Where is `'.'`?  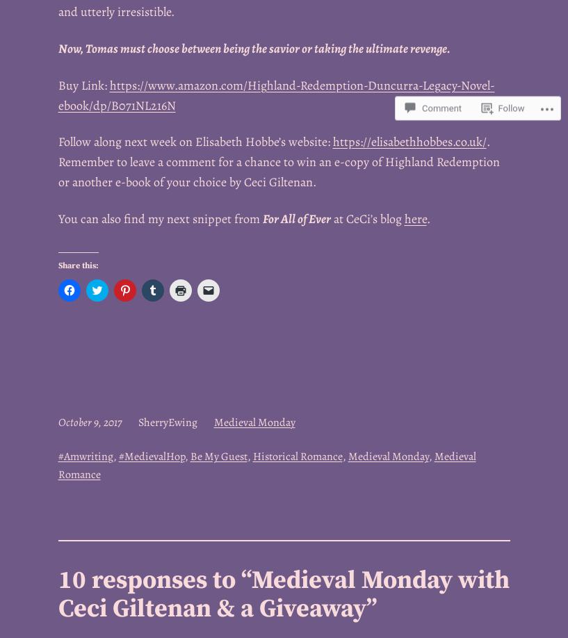 '.' is located at coordinates (428, 218).